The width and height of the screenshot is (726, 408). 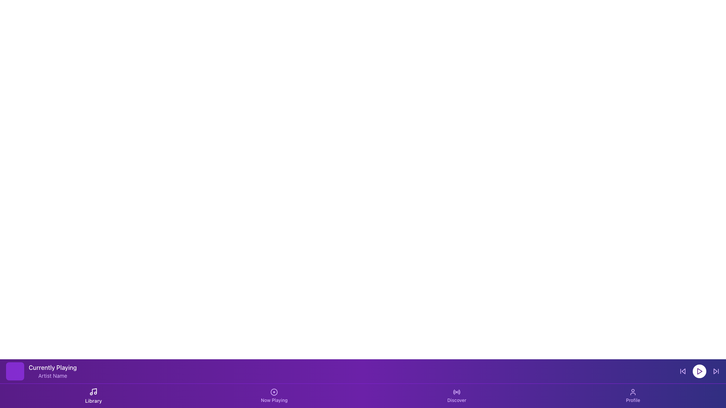 What do you see at coordinates (683, 371) in the screenshot?
I see `the triangular navigation arrow icon used for skipping backward in media control interfaces, located in the lower-right corner of the interface` at bounding box center [683, 371].